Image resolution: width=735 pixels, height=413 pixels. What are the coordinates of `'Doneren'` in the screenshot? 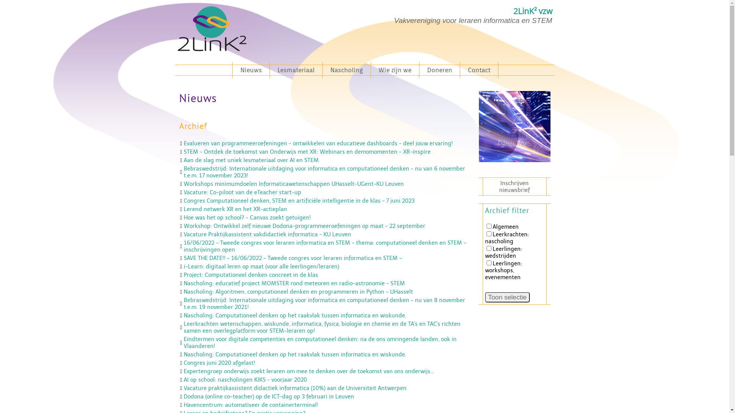 It's located at (439, 70).